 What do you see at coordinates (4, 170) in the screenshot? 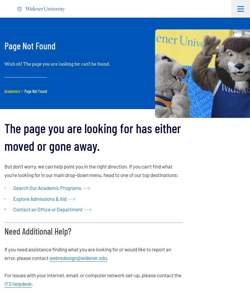
I see `'But don't worry, we can help point you in the right direction. If you can't find what you're looking for in our main drop-down menu, head to one of our top destinations:'` at bounding box center [4, 170].